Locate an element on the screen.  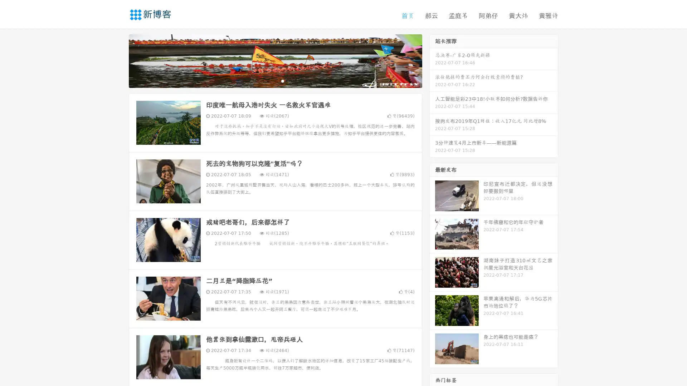
Previous slide is located at coordinates (118, 60).